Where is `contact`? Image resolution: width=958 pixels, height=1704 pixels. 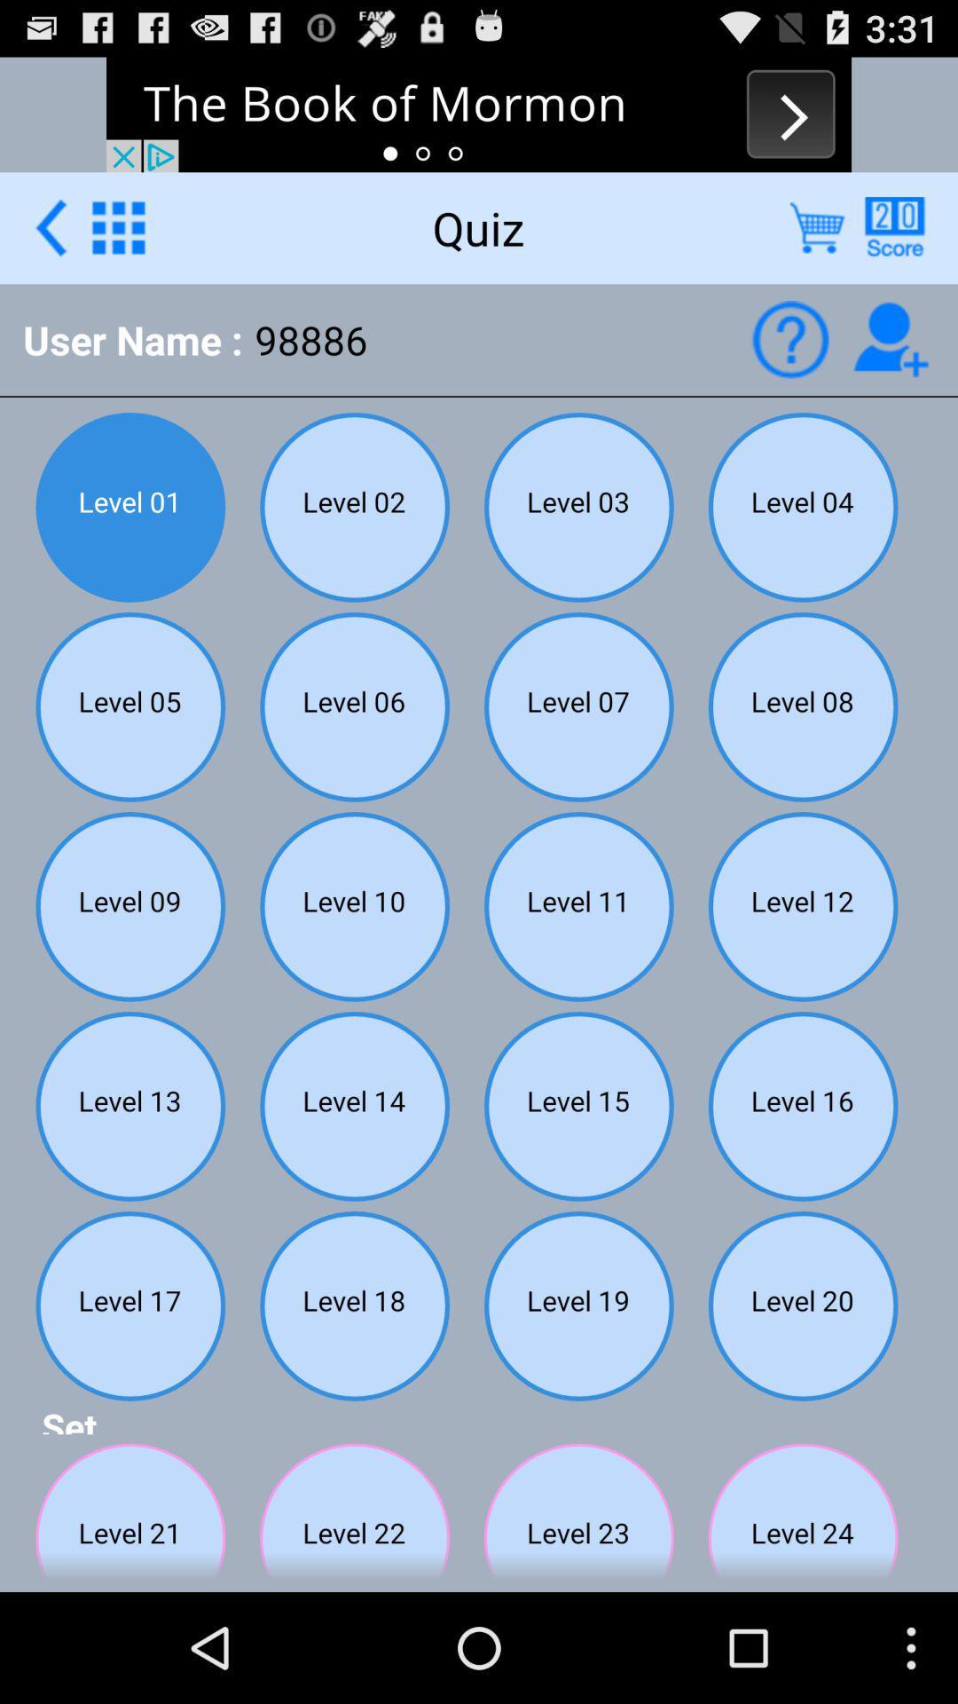 contact is located at coordinates (891, 339).